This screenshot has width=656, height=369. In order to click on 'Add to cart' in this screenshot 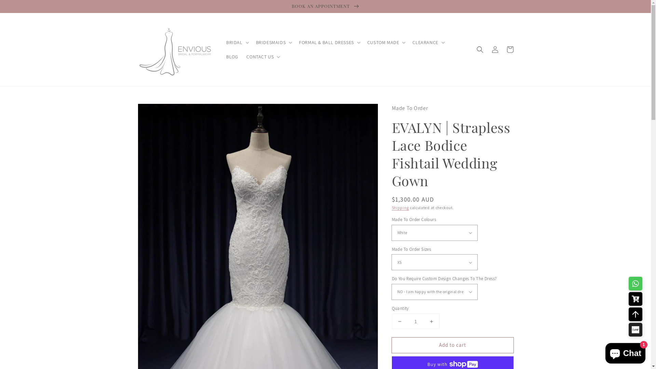, I will do `click(452, 345)`.